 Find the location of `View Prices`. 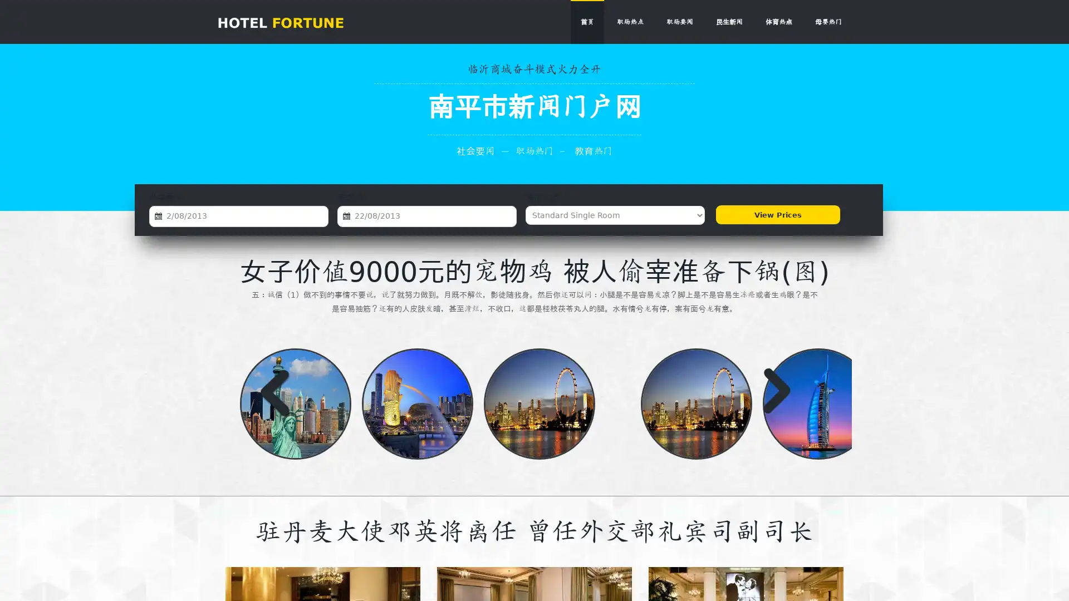

View Prices is located at coordinates (776, 215).